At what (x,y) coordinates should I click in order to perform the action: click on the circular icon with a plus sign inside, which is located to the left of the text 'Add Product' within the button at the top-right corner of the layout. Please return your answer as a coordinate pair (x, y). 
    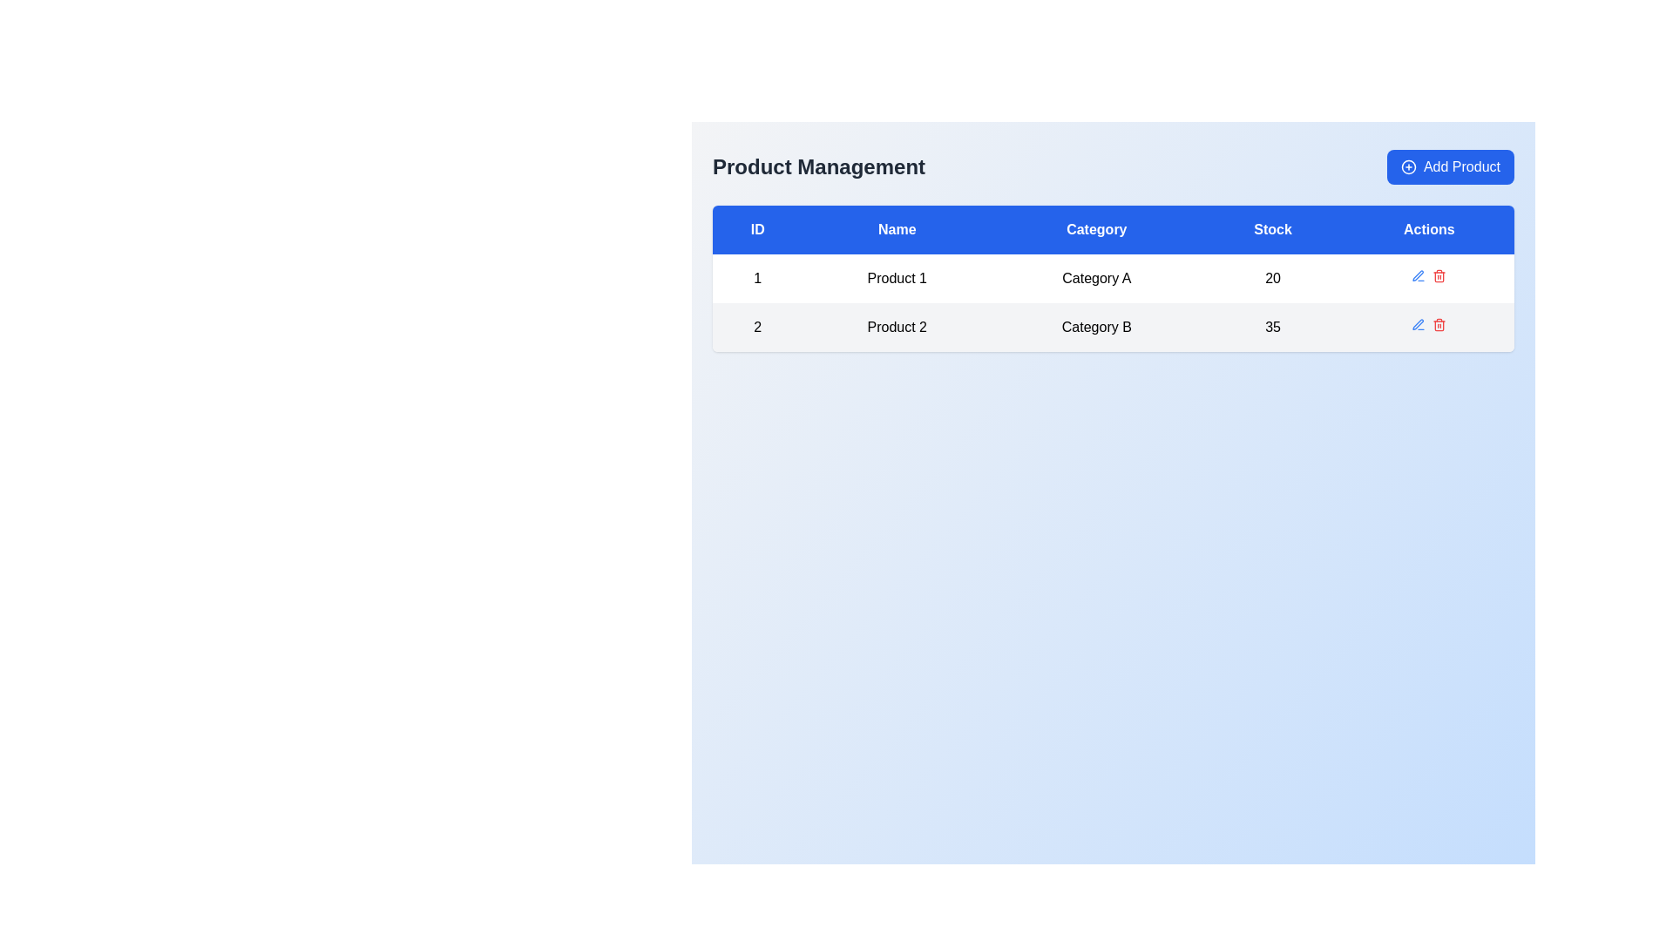
    Looking at the image, I should click on (1409, 167).